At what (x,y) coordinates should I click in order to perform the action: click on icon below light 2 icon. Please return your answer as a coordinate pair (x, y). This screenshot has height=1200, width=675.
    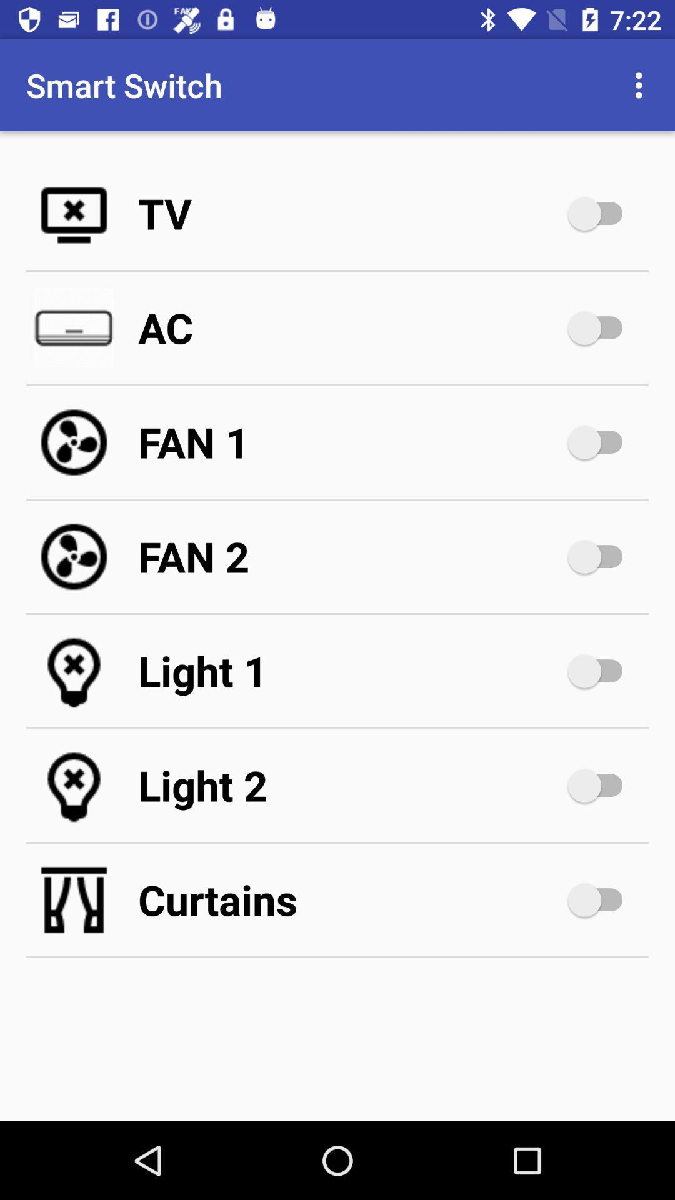
    Looking at the image, I should click on (350, 900).